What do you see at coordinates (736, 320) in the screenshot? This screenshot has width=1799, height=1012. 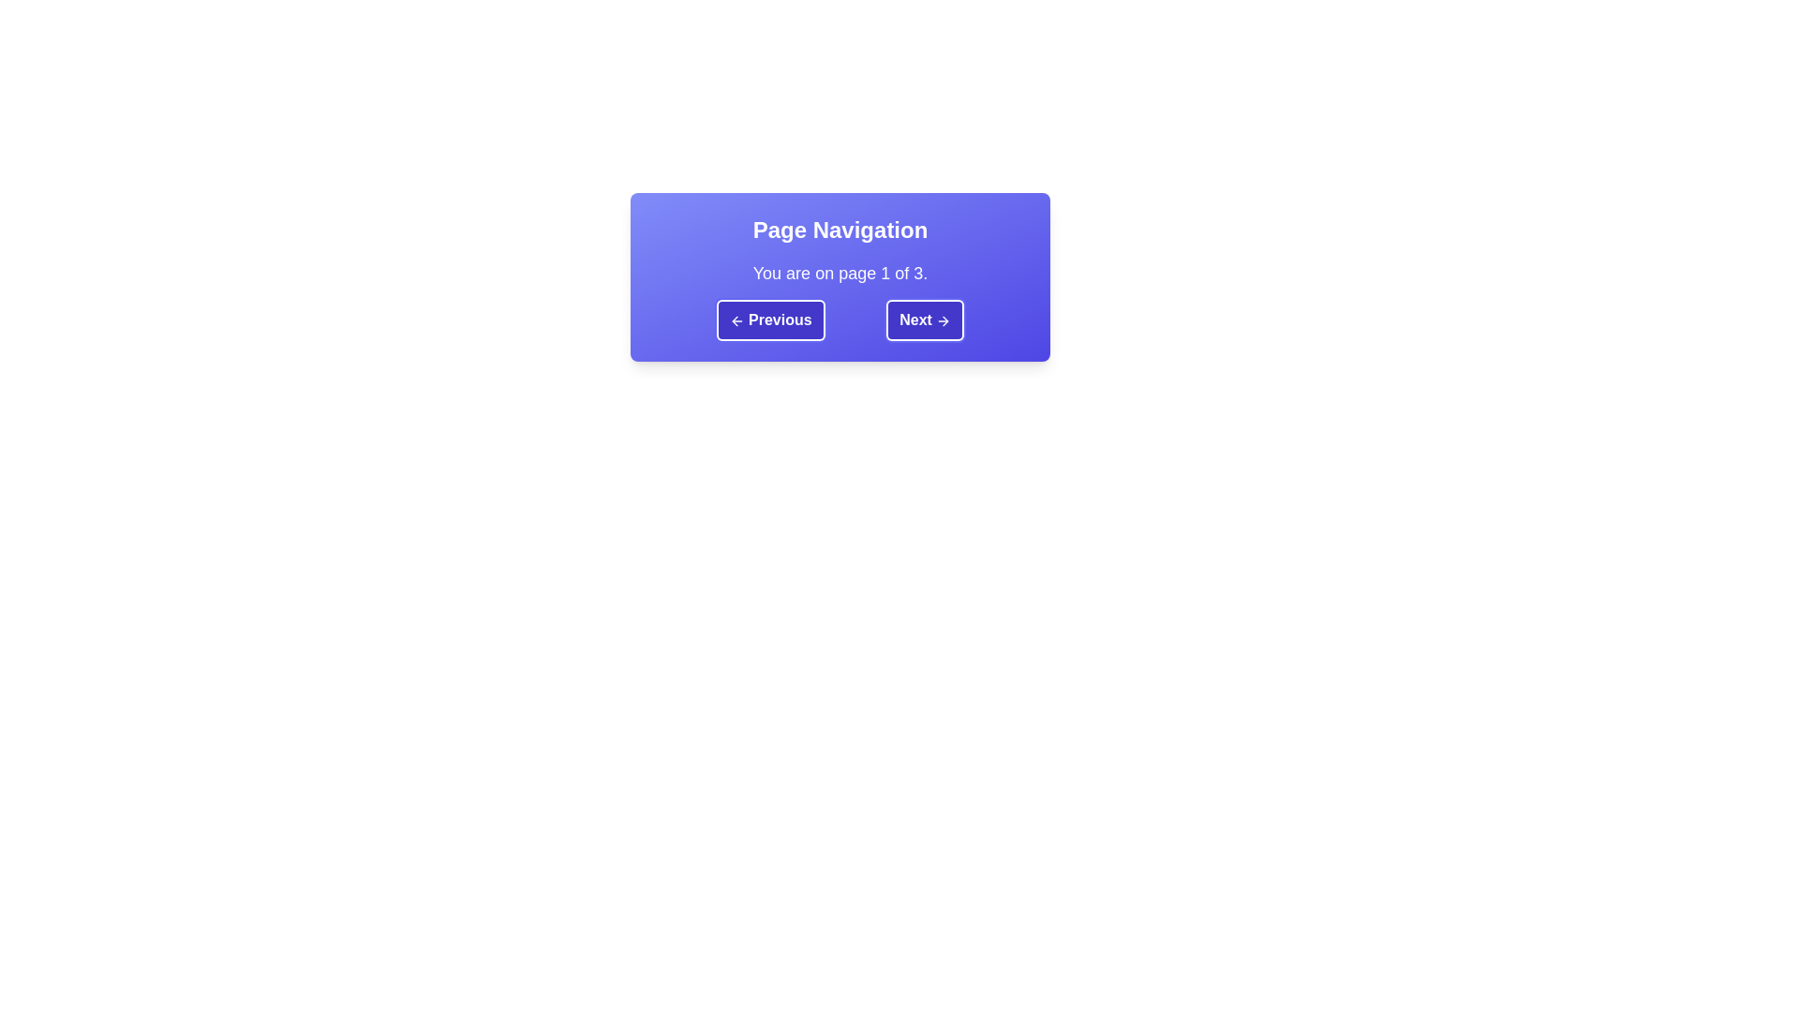 I see `the 'Previous' button icon` at bounding box center [736, 320].